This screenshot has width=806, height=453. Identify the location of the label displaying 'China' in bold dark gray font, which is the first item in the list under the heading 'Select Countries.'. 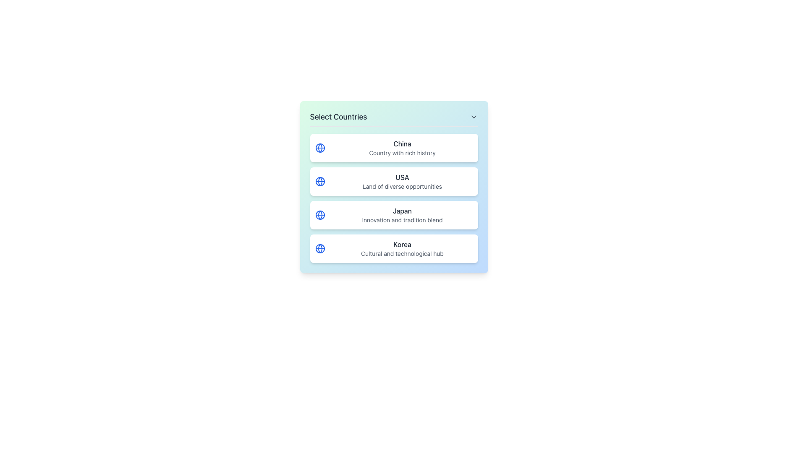
(402, 143).